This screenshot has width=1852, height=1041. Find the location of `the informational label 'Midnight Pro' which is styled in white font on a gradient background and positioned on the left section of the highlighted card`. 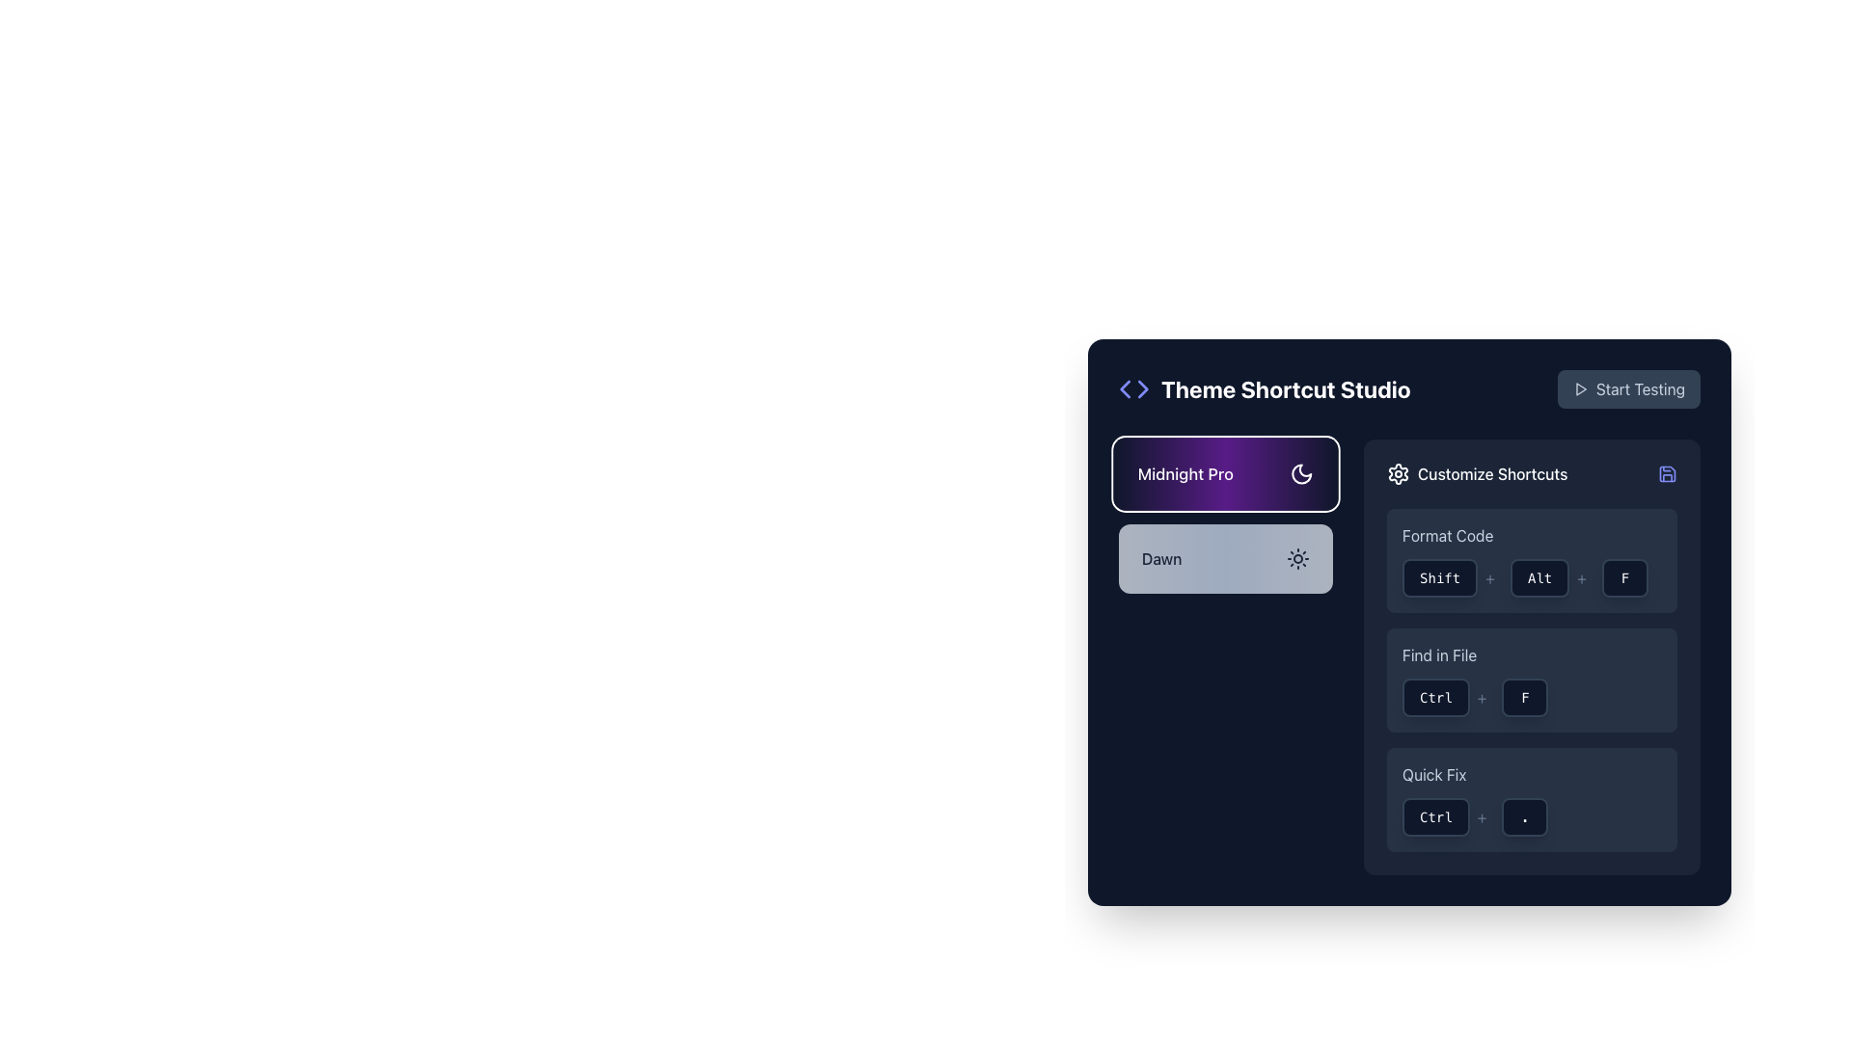

the informational label 'Midnight Pro' which is styled in white font on a gradient background and positioned on the left section of the highlighted card is located at coordinates (1225, 474).